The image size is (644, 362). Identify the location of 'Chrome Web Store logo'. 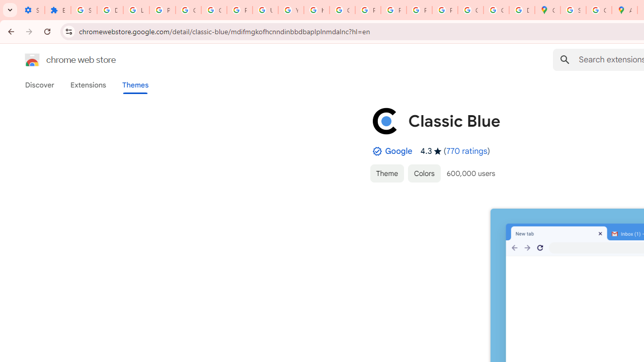
(32, 60).